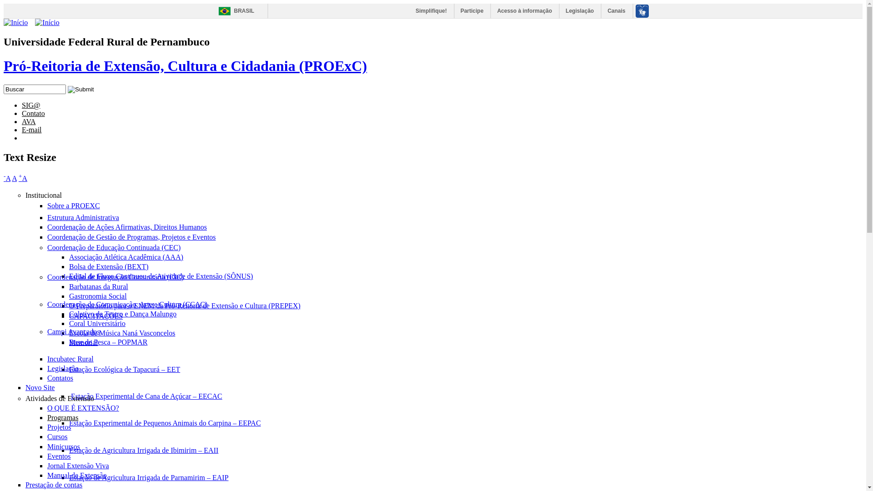 This screenshot has width=873, height=491. Describe the element at coordinates (63, 446) in the screenshot. I see `'Minicursos'` at that location.